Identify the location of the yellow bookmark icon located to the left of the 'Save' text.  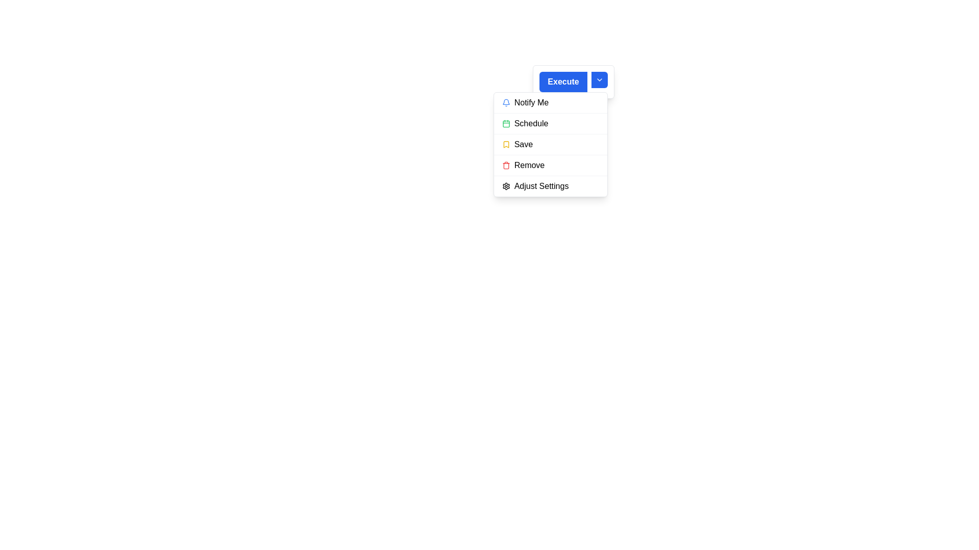
(506, 145).